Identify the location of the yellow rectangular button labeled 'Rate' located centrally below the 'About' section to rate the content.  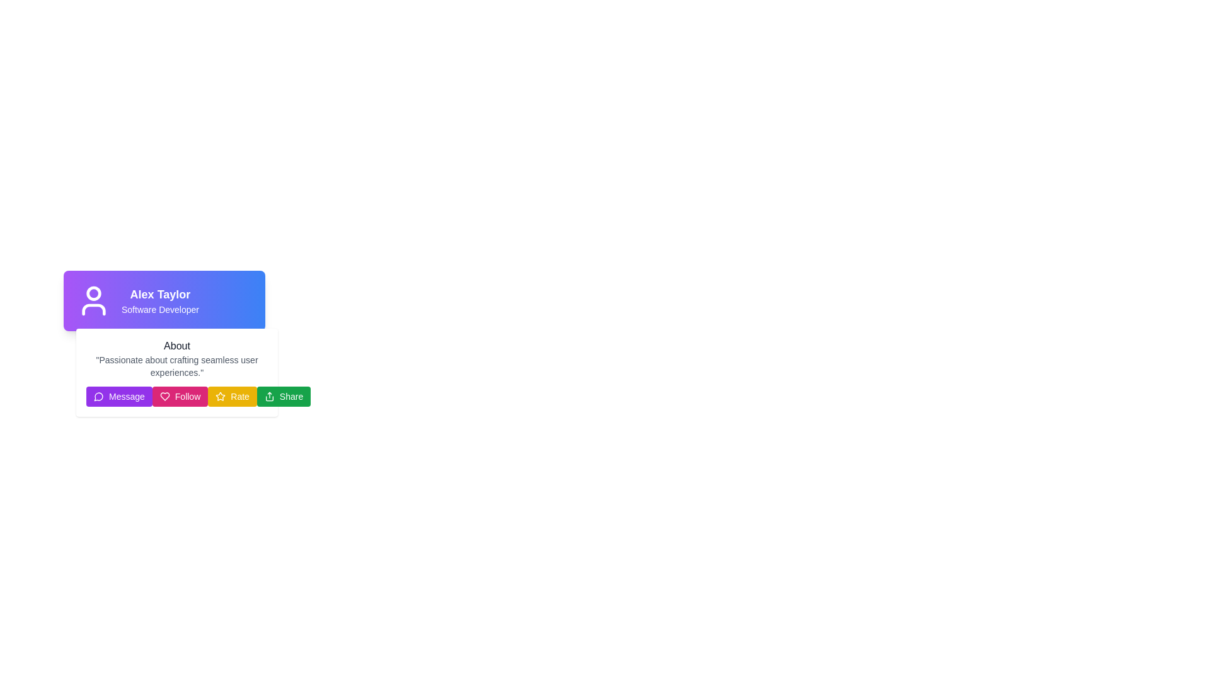
(233, 395).